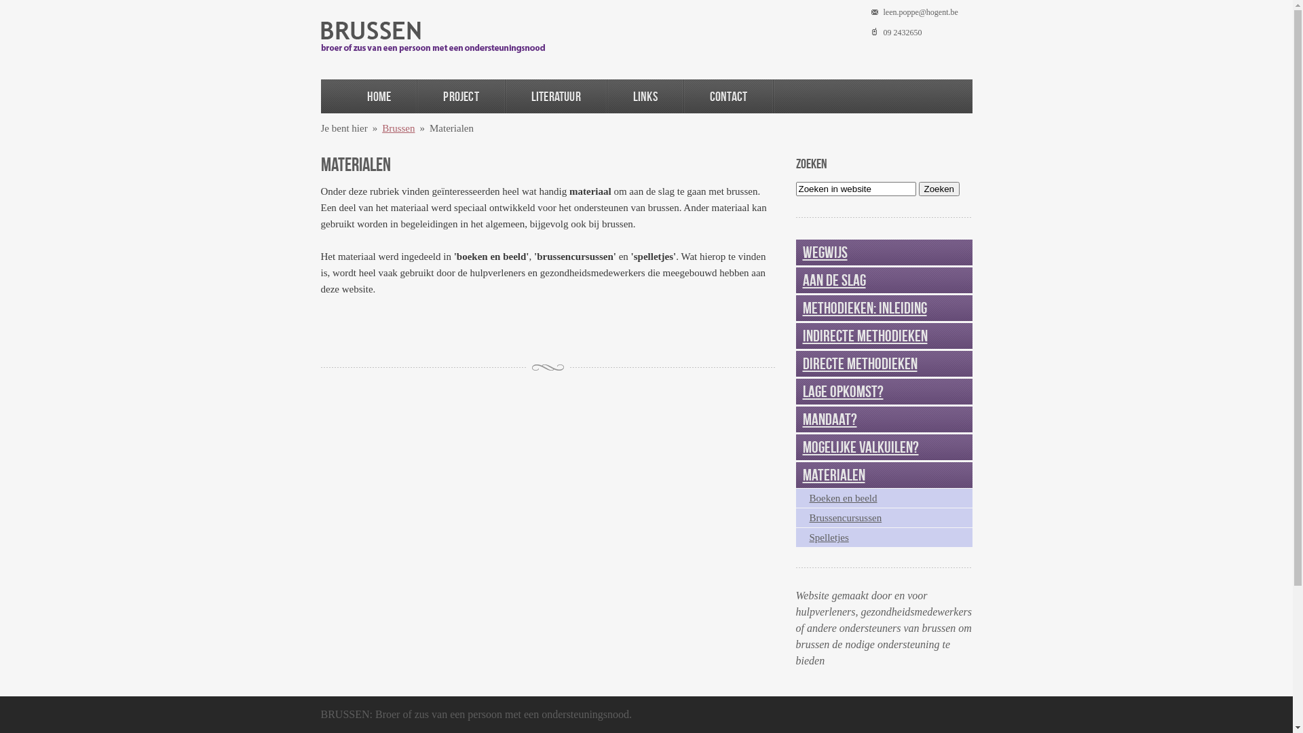  I want to click on 'Lage opkomst?', so click(842, 392).